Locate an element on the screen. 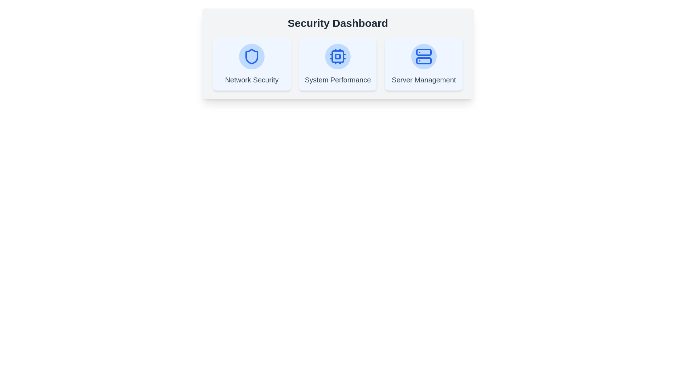 The image size is (680, 382). the decorative graphical element, a light blue square with rounded corners, located within the 'System Performance' icon on the Security Dashboard interface is located at coordinates (338, 56).